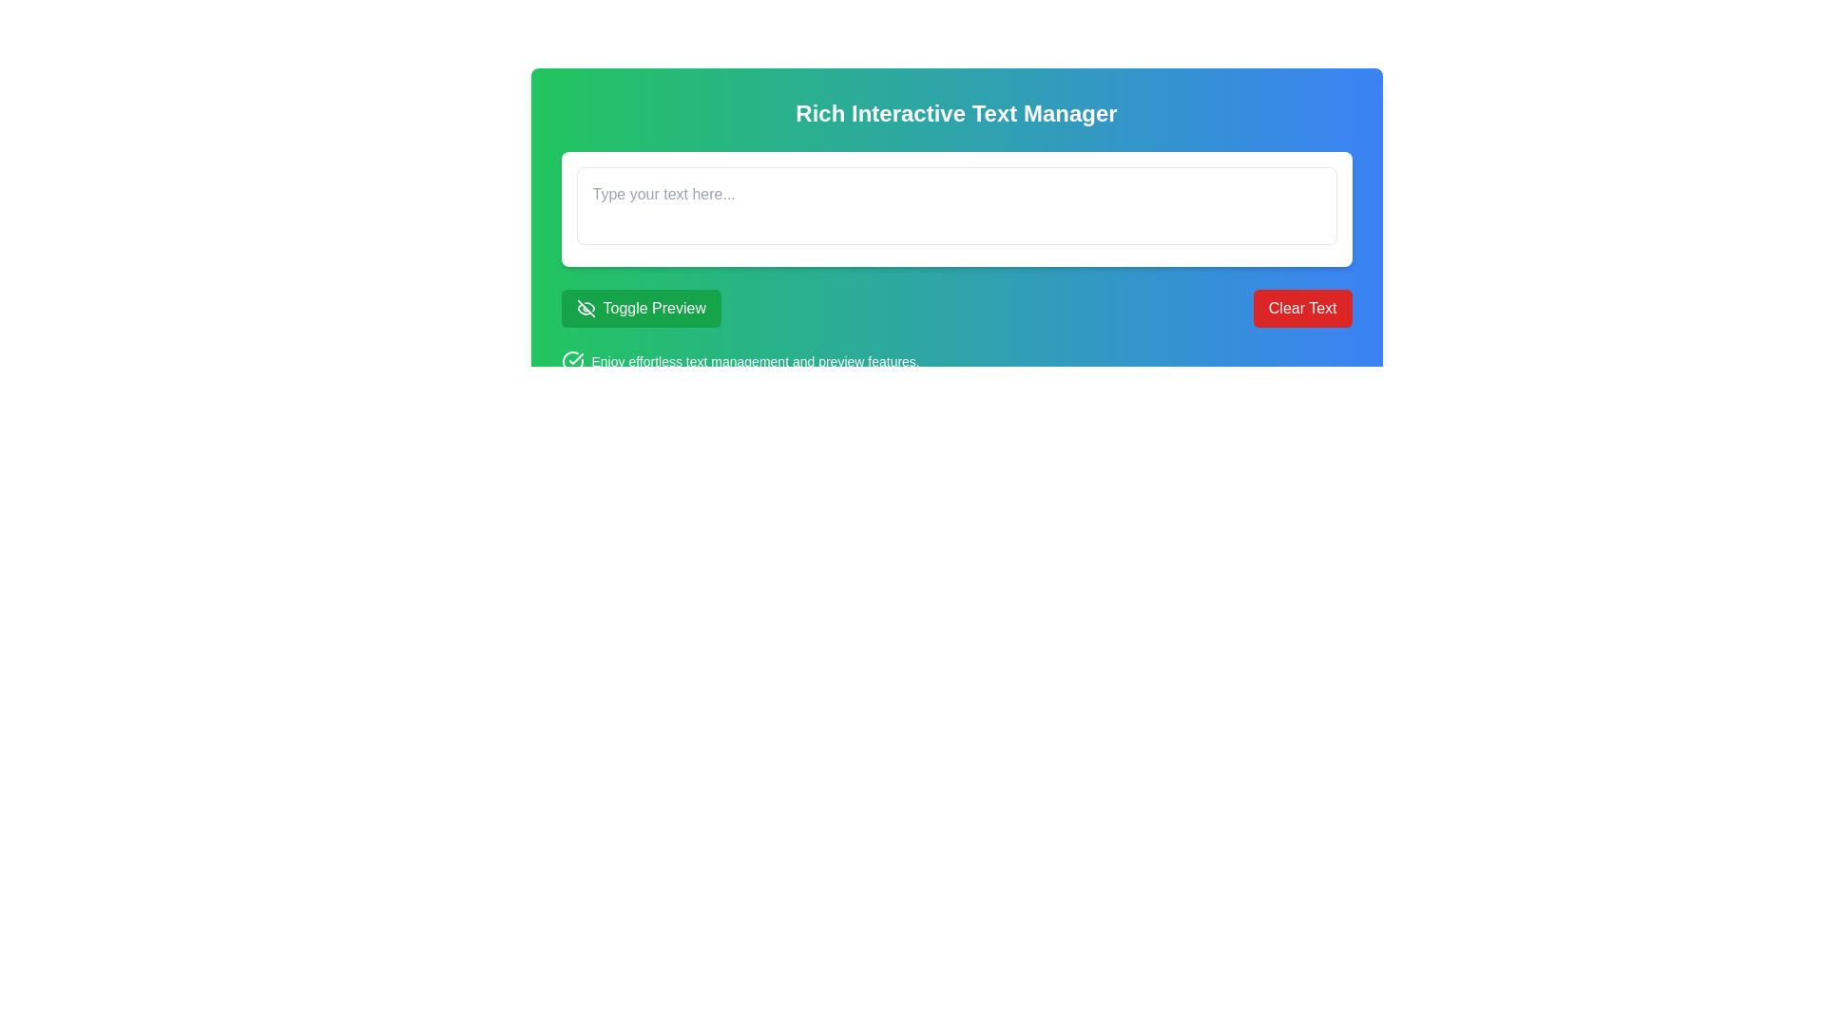  What do you see at coordinates (641, 307) in the screenshot?
I see `the 'Toggle Preview' button, which is a rectangular green button with rounded corners, featuring an eye-off icon and the text 'Toggle Preview' in white` at bounding box center [641, 307].